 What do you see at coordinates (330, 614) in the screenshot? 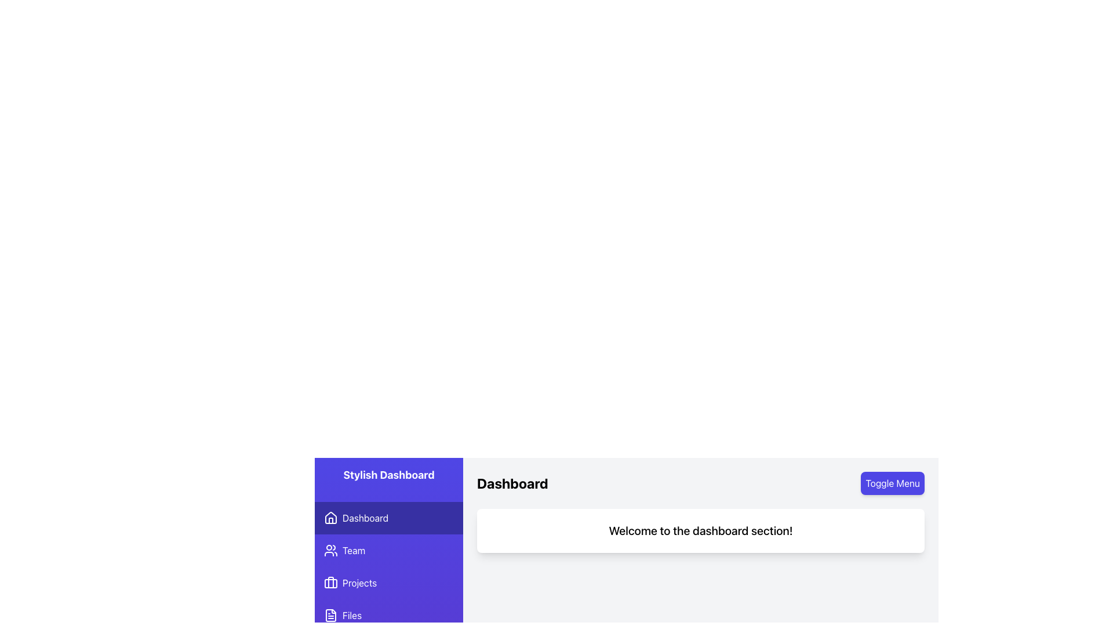
I see `the 'Files' icon in the bottom-most segment of the sidebar navigation menu` at bounding box center [330, 614].